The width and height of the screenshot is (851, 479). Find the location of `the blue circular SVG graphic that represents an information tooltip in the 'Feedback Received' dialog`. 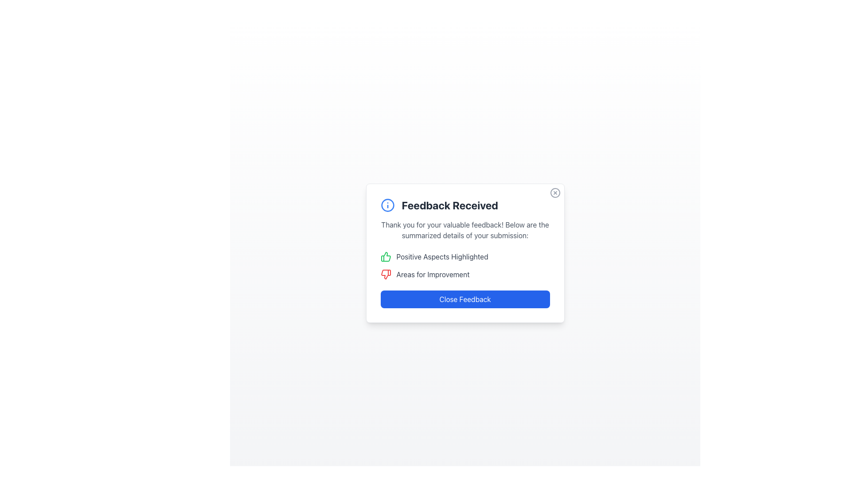

the blue circular SVG graphic that represents an information tooltip in the 'Feedback Received' dialog is located at coordinates (387, 205).